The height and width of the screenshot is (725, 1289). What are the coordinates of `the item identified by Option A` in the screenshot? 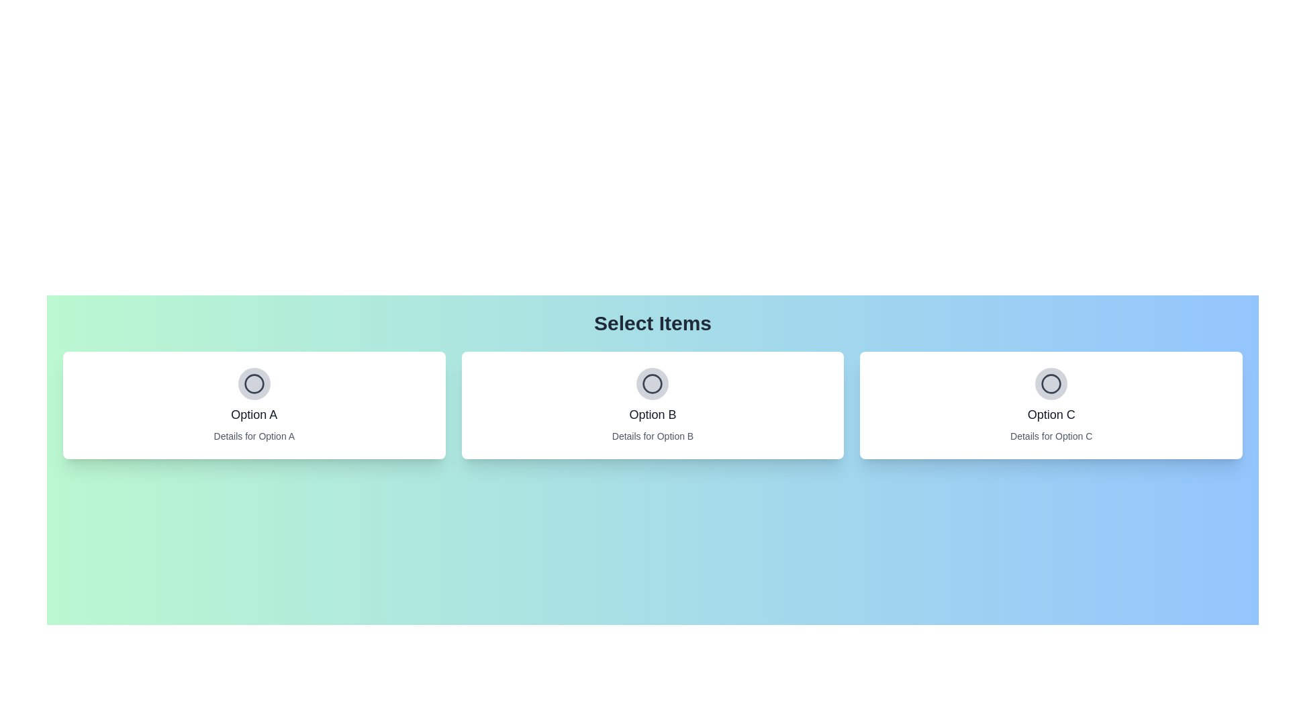 It's located at (254, 383).